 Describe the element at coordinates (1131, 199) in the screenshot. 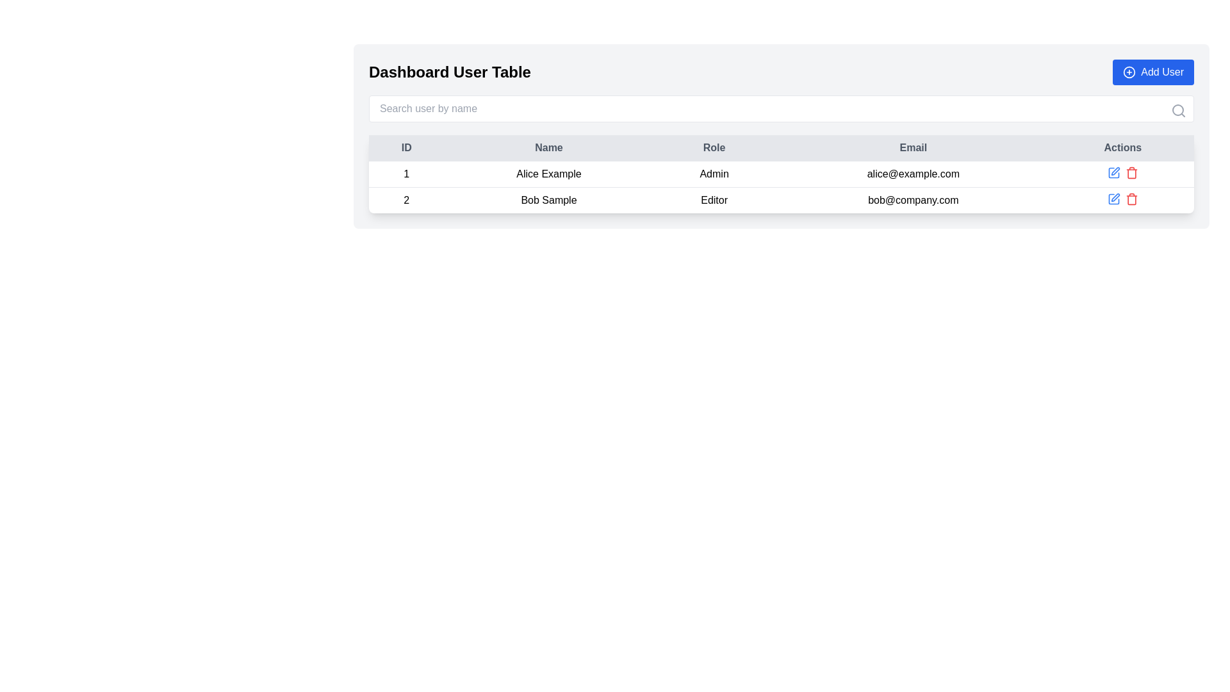

I see `the red trash icon in the 'Actions' column of the user table` at that location.